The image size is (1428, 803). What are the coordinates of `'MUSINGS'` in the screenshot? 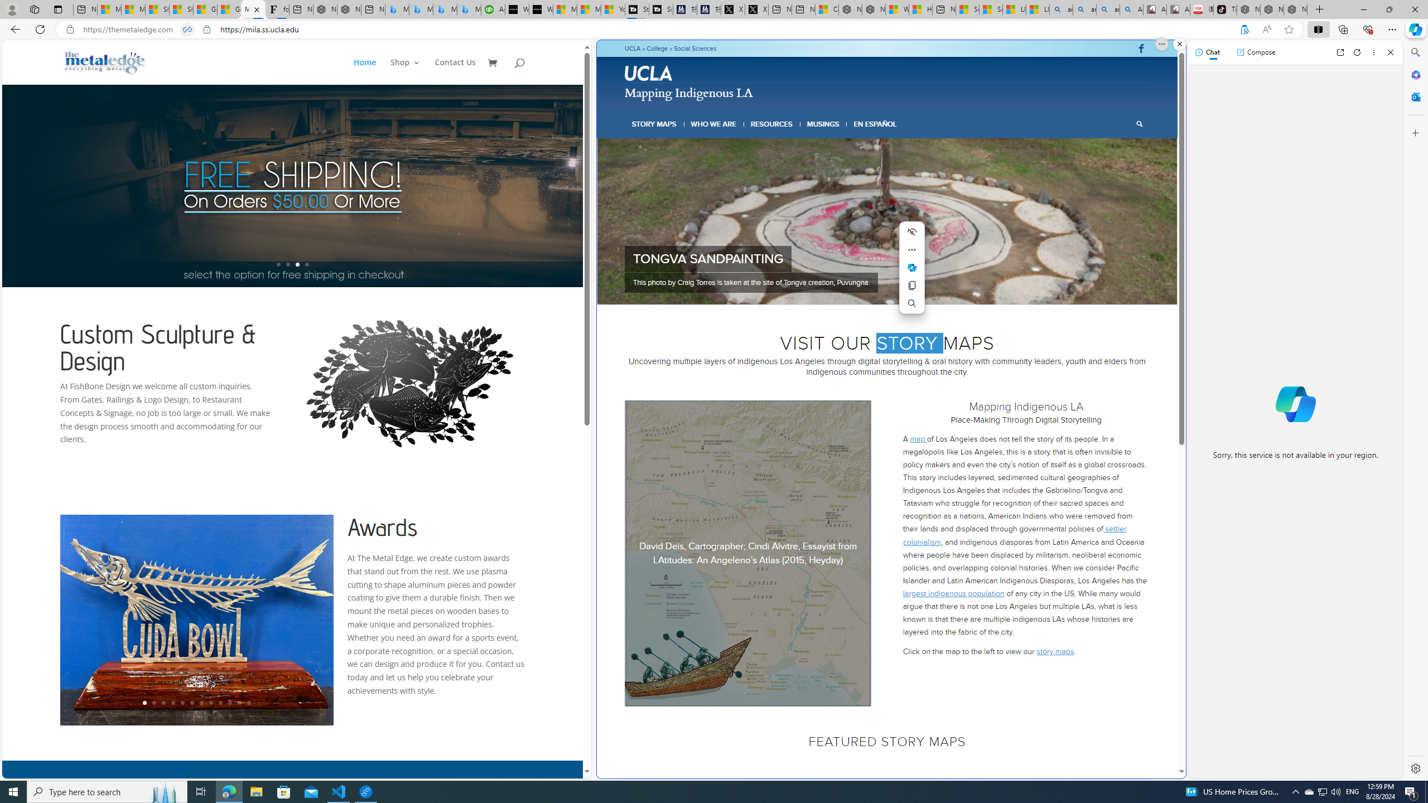 It's located at (823, 124).